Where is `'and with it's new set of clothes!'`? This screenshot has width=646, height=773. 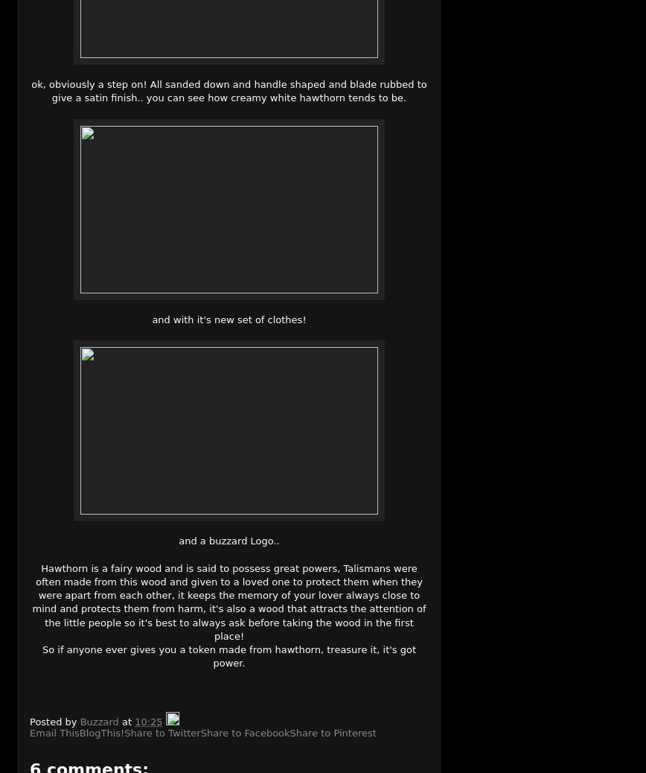 'and with it's new set of clothes!' is located at coordinates (228, 319).